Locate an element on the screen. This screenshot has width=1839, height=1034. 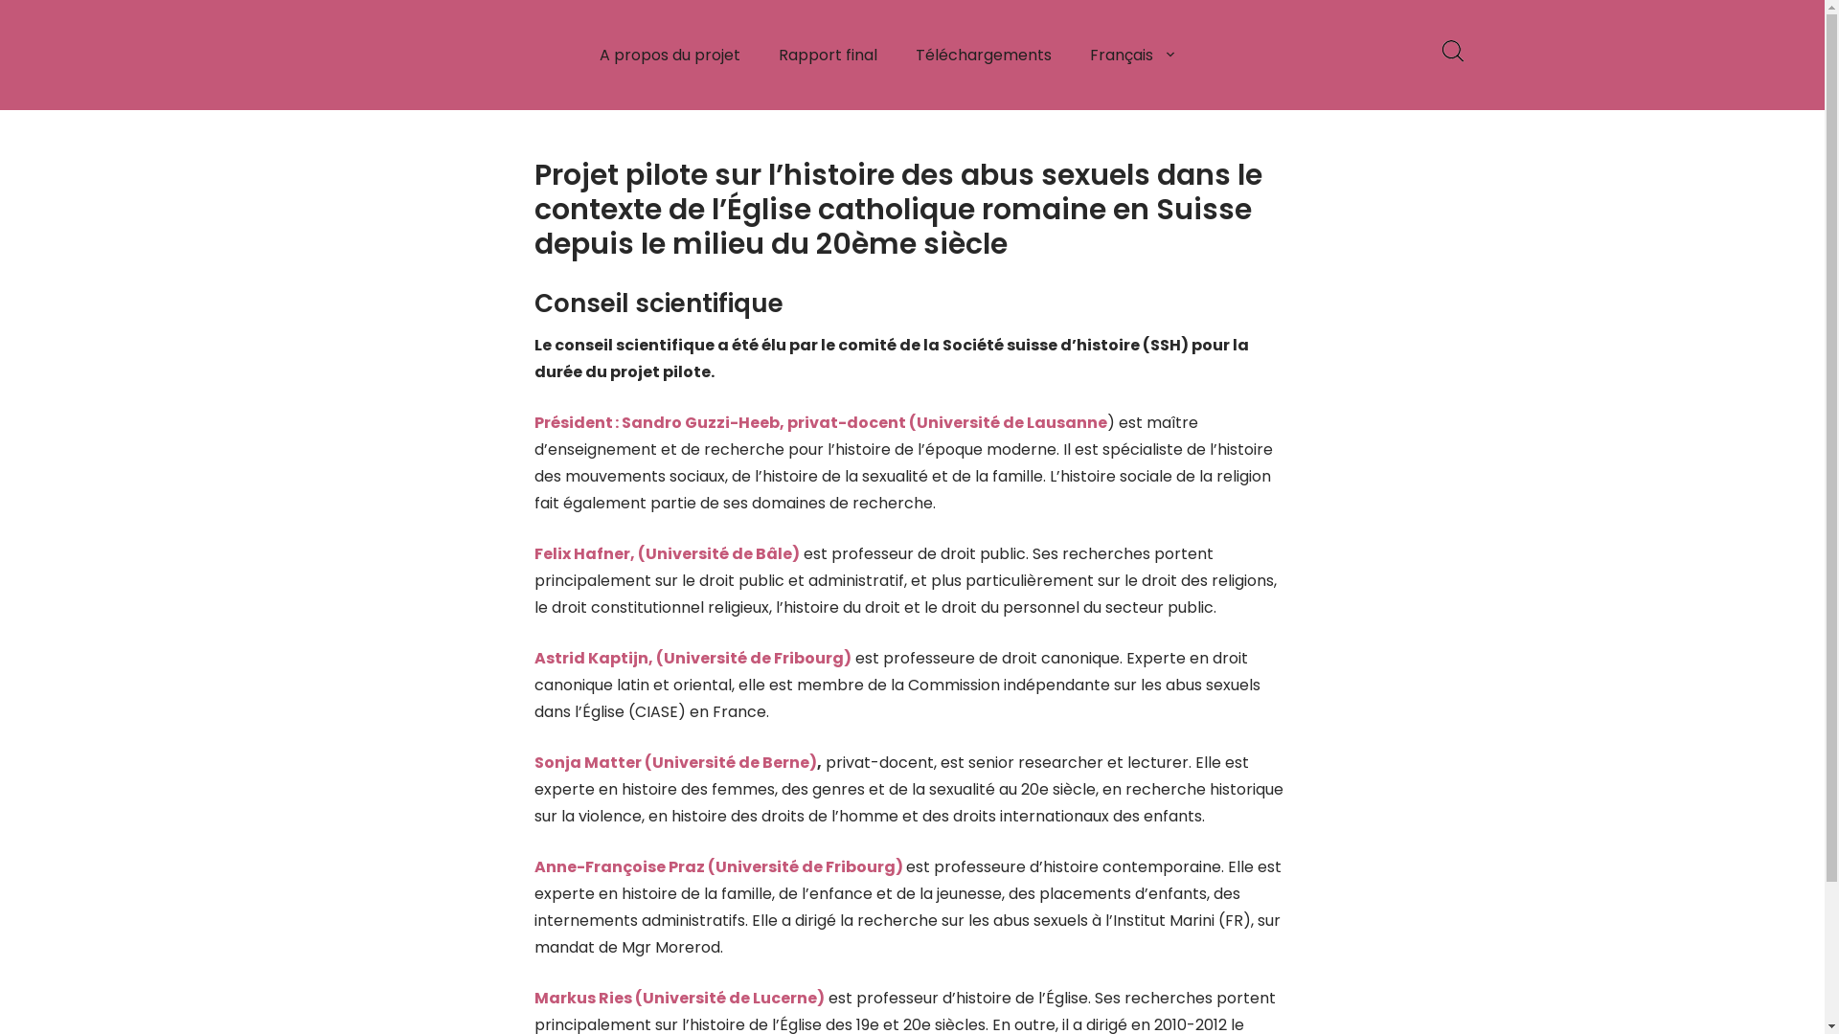
'A propos du projet' is located at coordinates (579, 54).